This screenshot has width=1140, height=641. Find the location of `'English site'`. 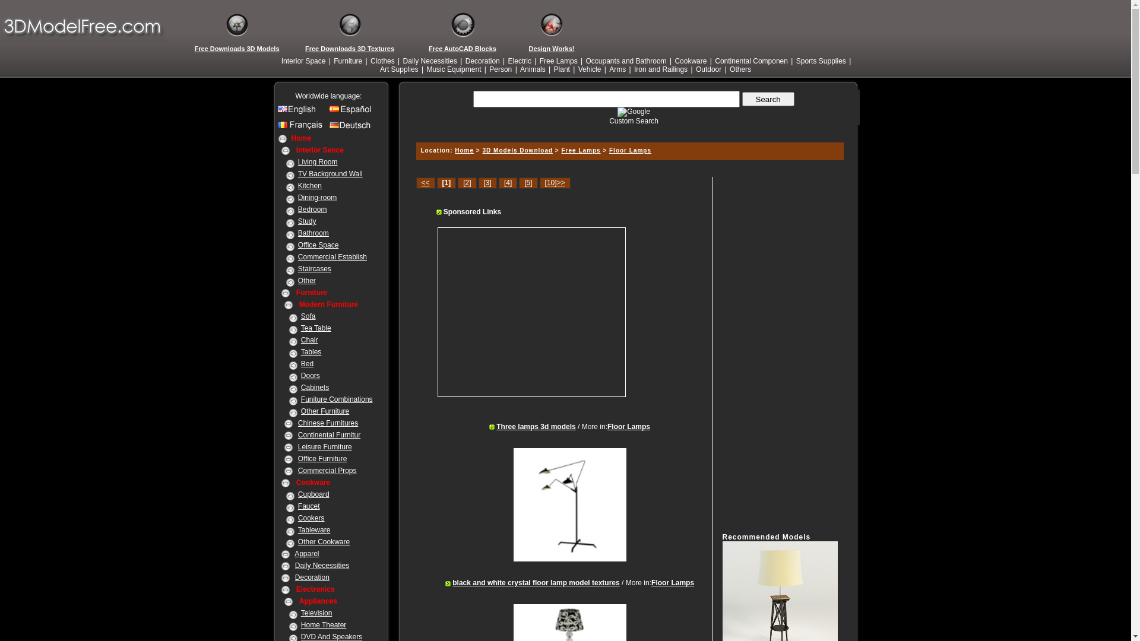

'English site' is located at coordinates (302, 112).